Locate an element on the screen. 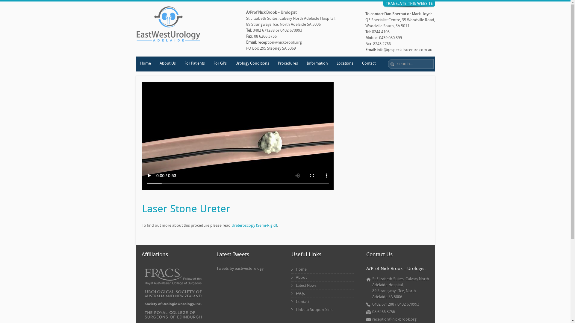  'reception@nickbrook.org' is located at coordinates (279, 42).